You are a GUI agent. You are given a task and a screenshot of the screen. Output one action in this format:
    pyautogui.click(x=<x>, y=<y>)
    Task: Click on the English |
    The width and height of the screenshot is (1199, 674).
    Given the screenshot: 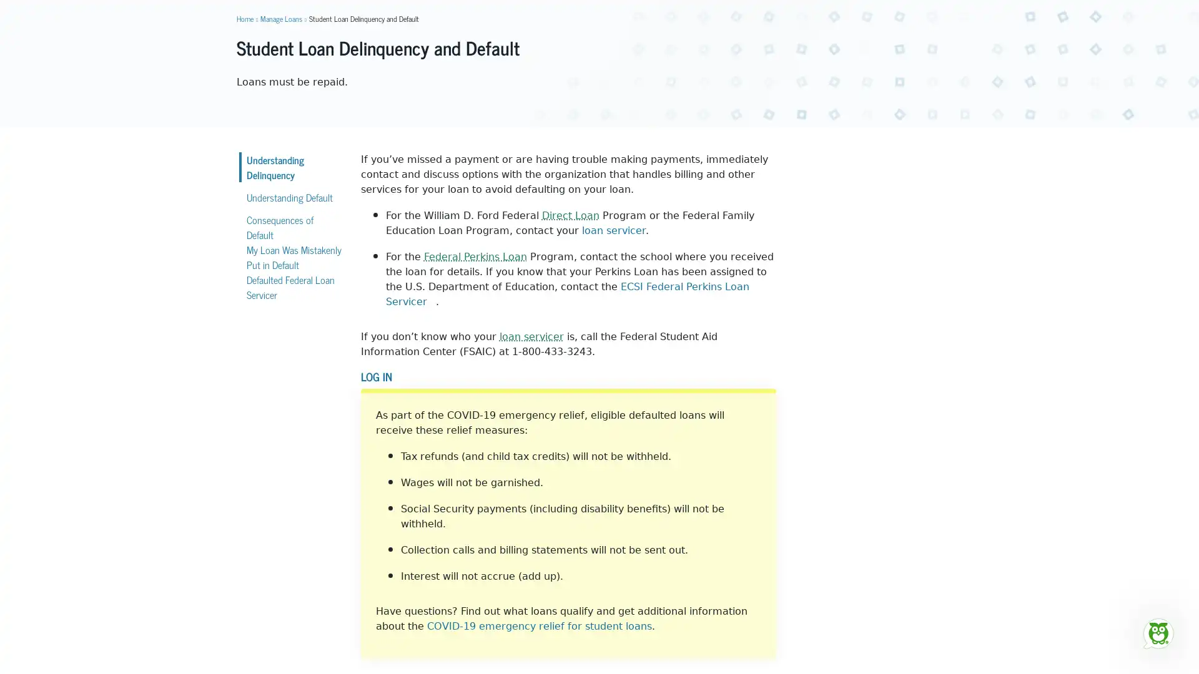 What is the action you would take?
    pyautogui.click(x=920, y=9)
    